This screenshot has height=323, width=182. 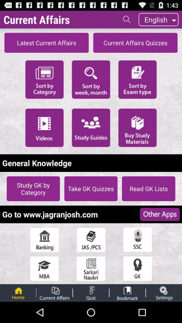 I want to click on the icon above the general knowledge item, so click(x=91, y=127).